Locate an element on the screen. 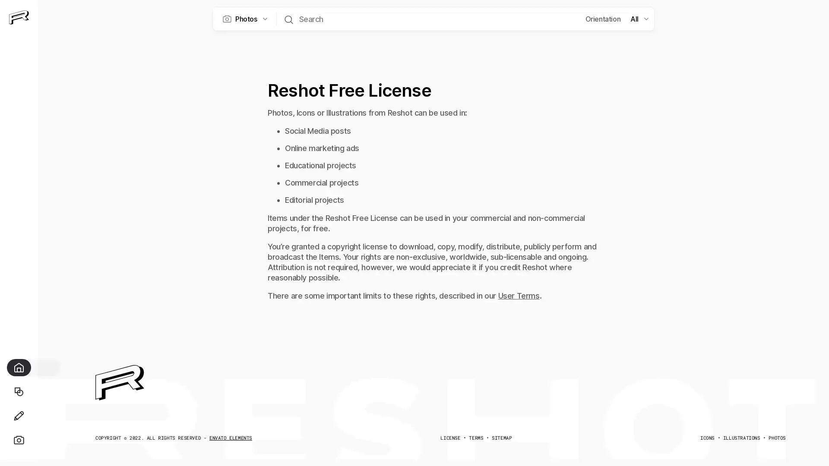 The image size is (829, 466). Search is located at coordinates (288, 19).